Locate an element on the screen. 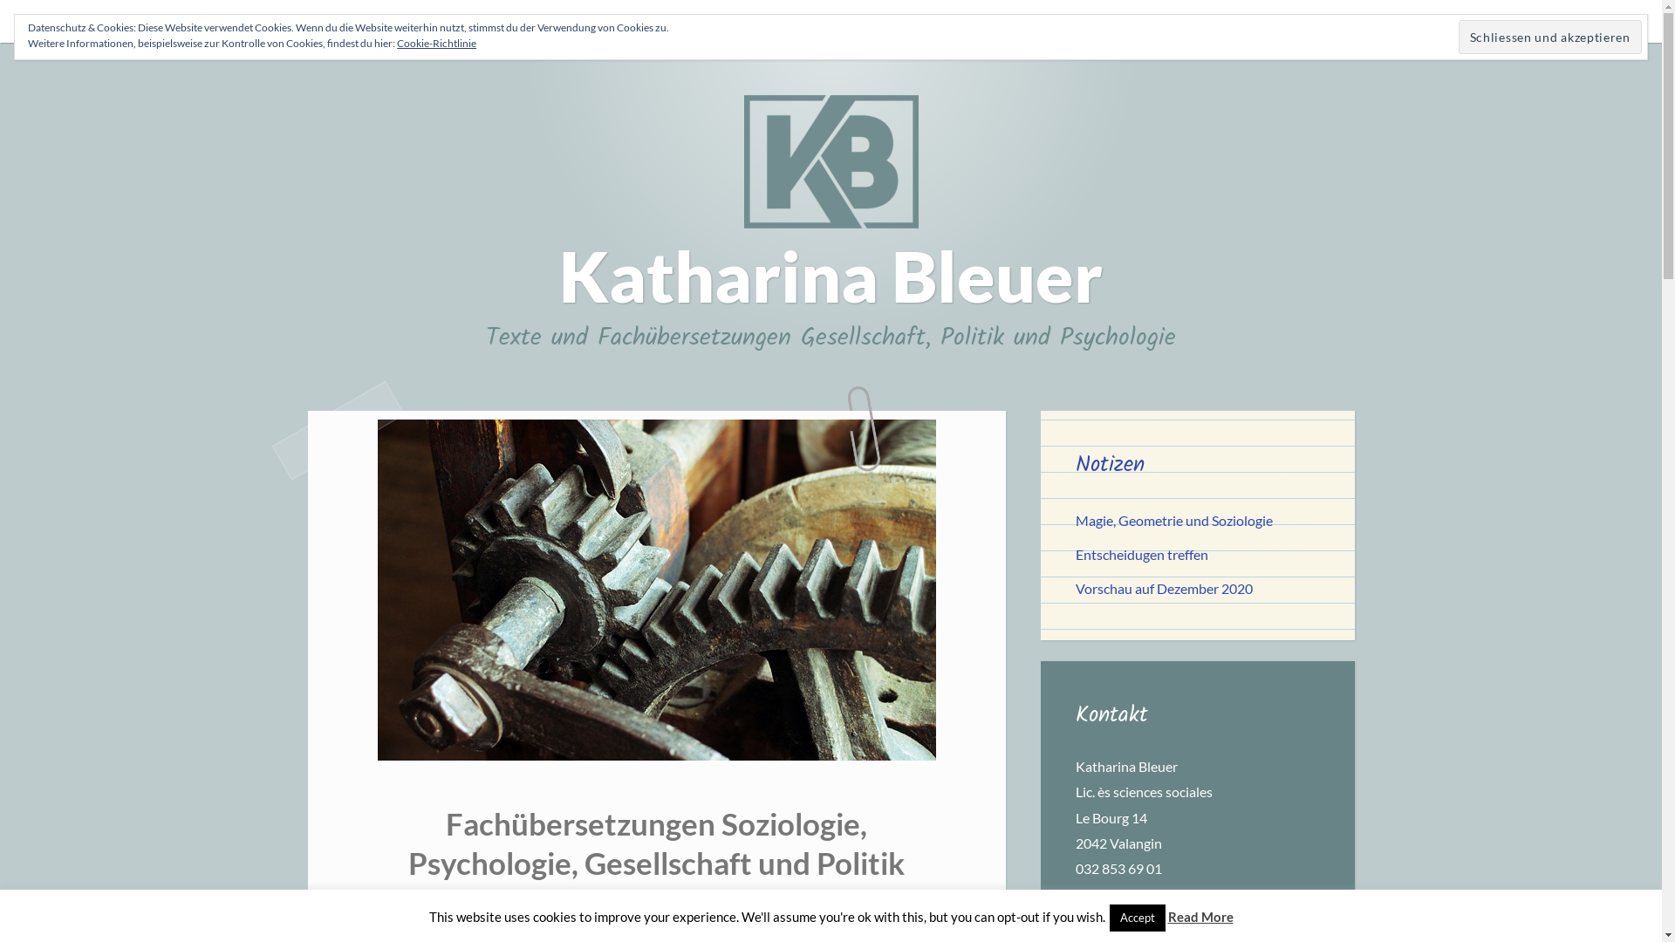 The height and width of the screenshot is (942, 1675). 'Entscheidugen treffen' is located at coordinates (1074, 554).